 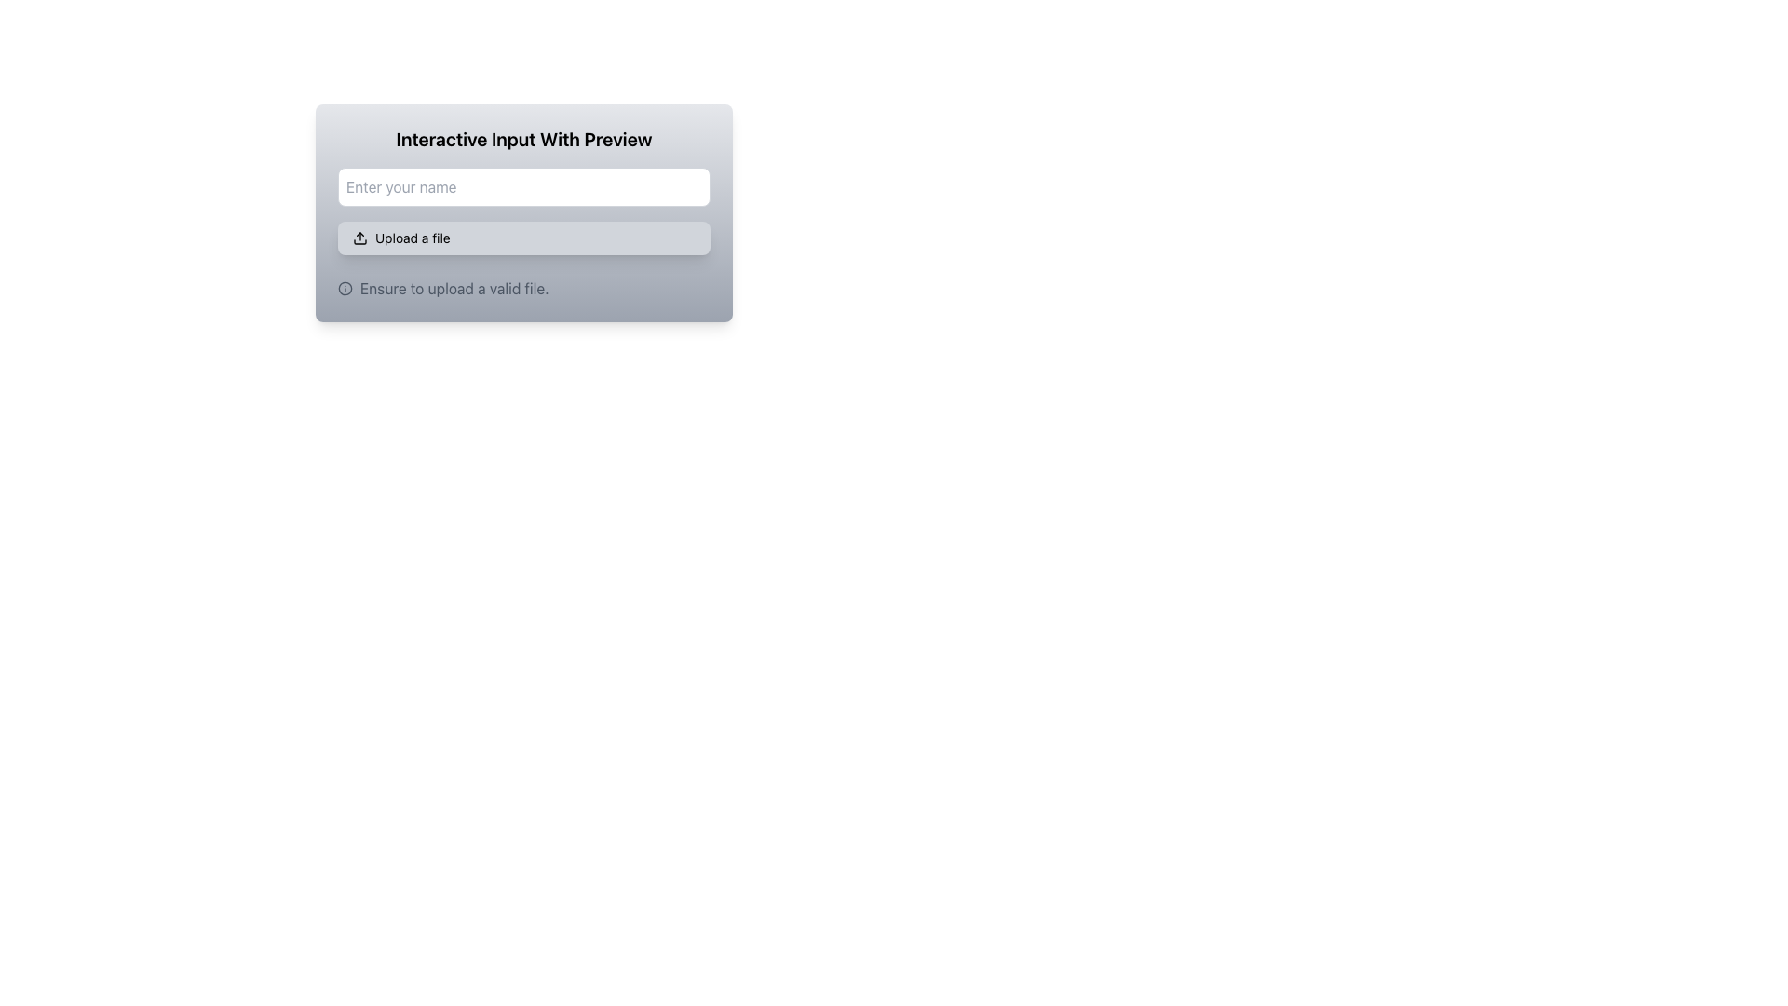 What do you see at coordinates (345, 288) in the screenshot?
I see `the informational icon located to the left of the text 'Ensure to upload a valid file.'` at bounding box center [345, 288].